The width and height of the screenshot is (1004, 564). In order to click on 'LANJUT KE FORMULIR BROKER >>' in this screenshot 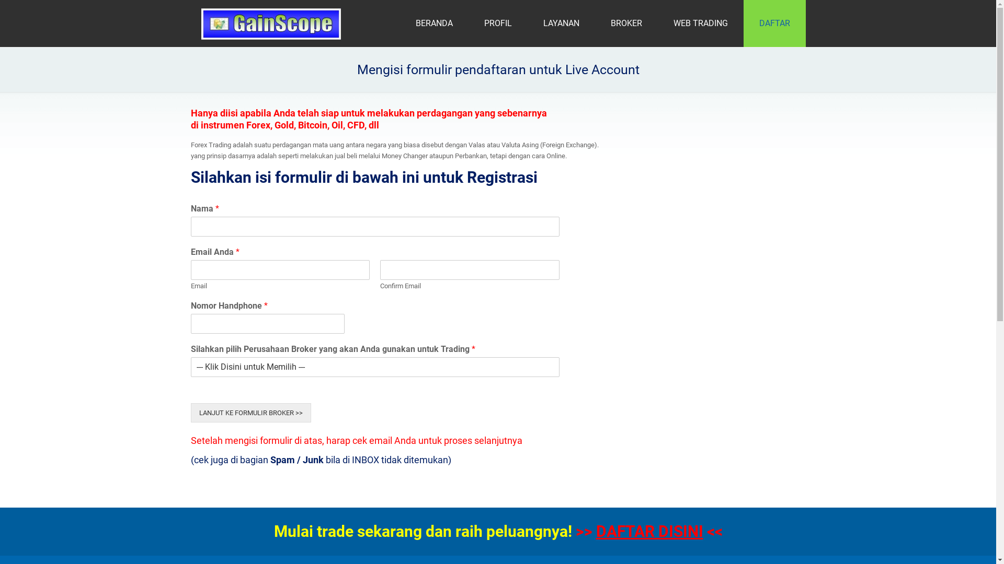, I will do `click(250, 412)`.